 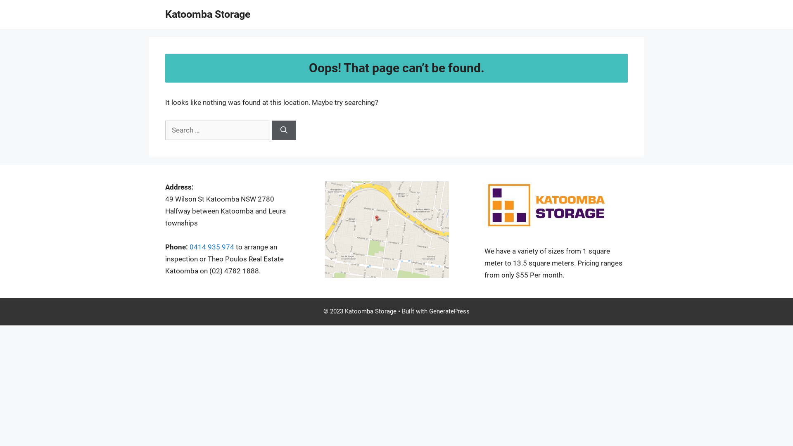 What do you see at coordinates (449, 311) in the screenshot?
I see `'GeneratePress'` at bounding box center [449, 311].